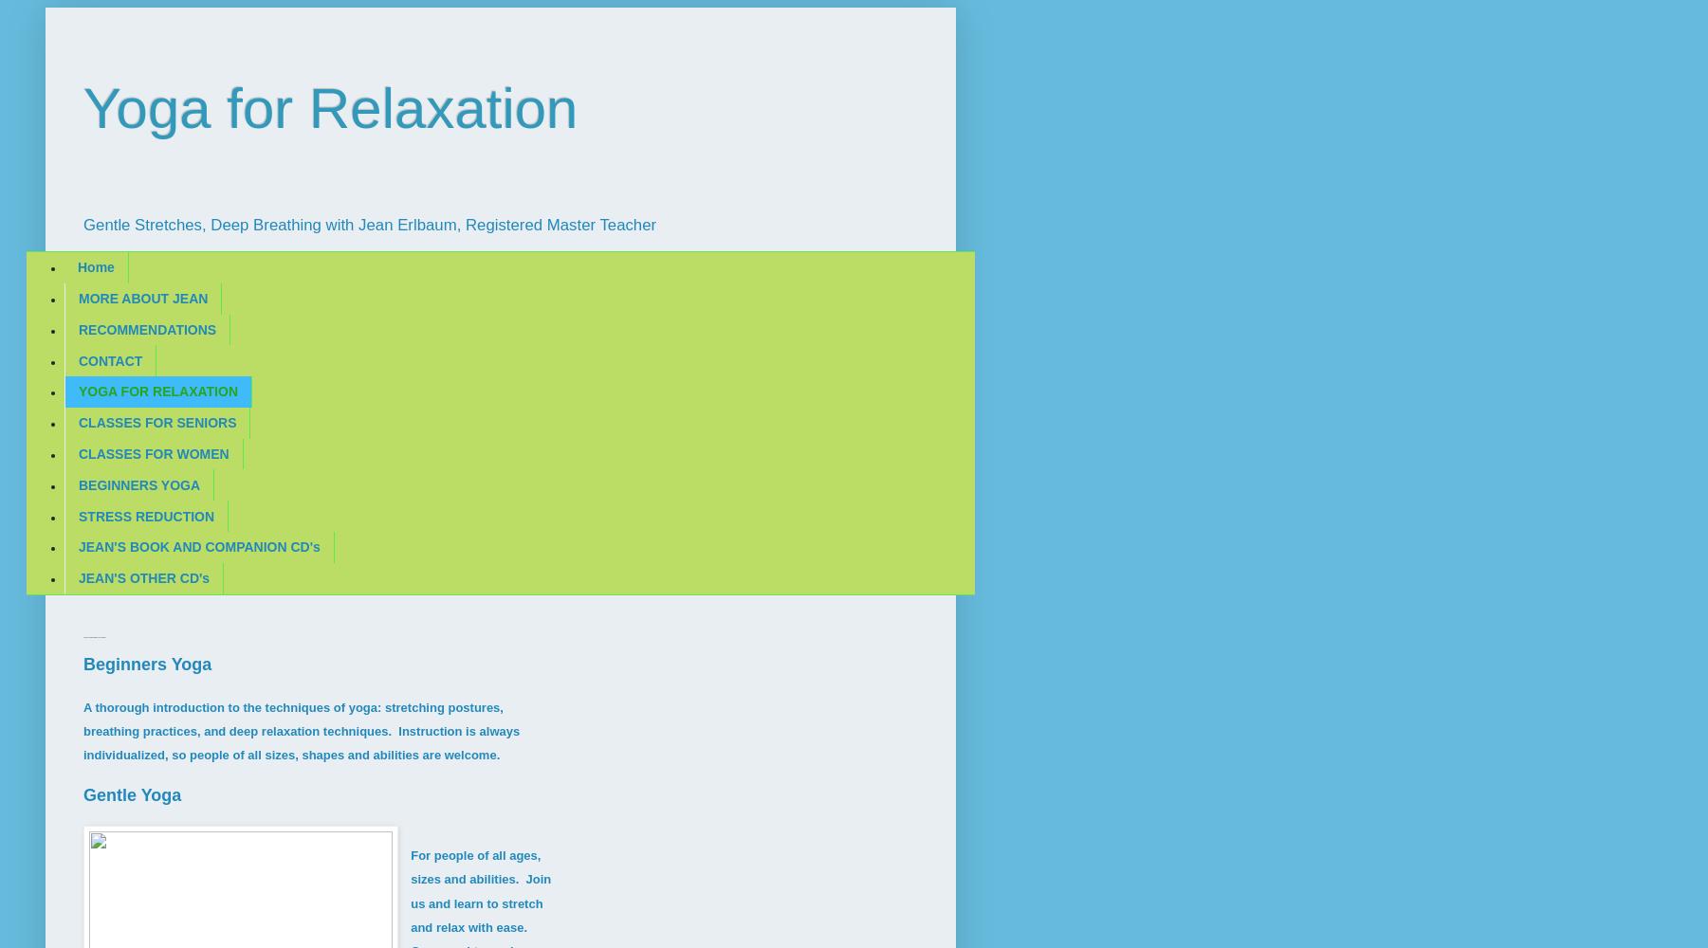  Describe the element at coordinates (83, 731) in the screenshot. I see `'A
 thorough introduction to the techniques of yoga: stretching postures, 
breathing practices, and deep relaxation techniques.  Instruction is 
always individualized, so people of all sizes, shapes and abilities are 
welcome.'` at that location.